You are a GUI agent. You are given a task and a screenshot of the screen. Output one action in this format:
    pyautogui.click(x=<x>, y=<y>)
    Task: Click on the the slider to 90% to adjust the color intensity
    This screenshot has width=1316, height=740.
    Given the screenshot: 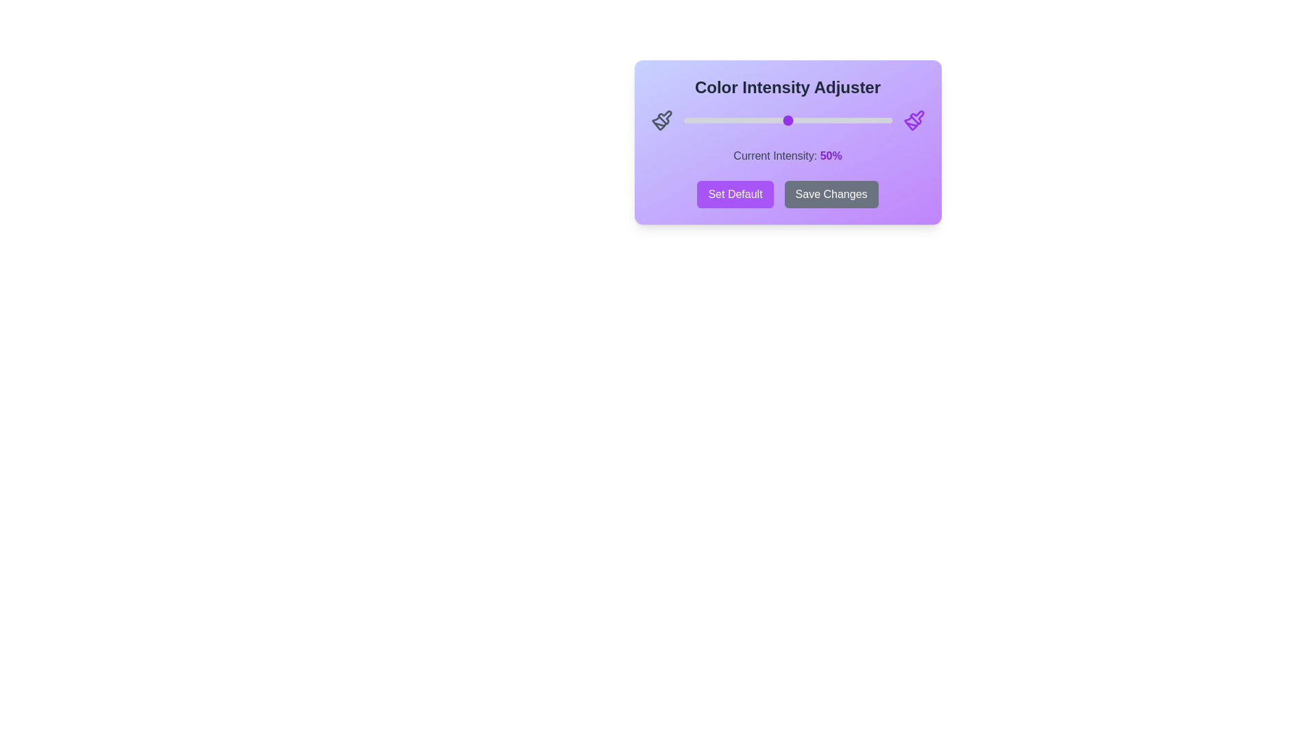 What is the action you would take?
    pyautogui.click(x=870, y=120)
    